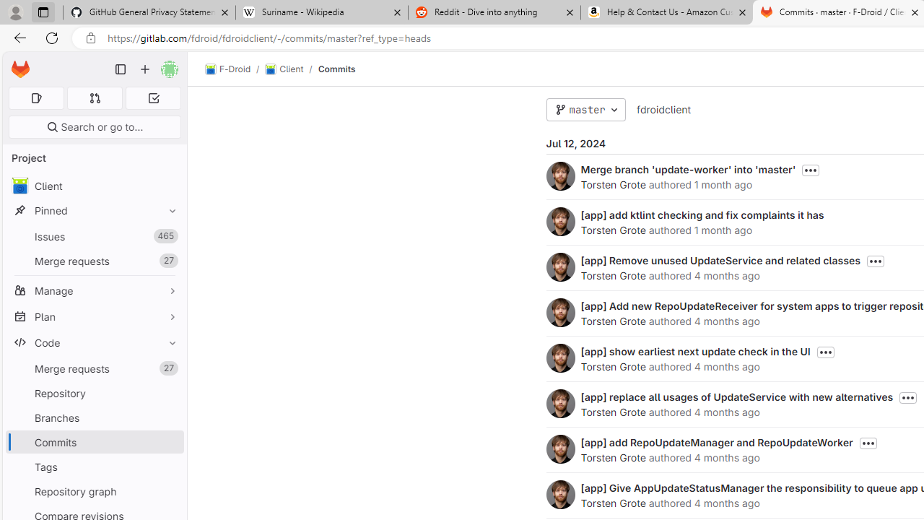 The image size is (924, 520). What do you see at coordinates (94, 316) in the screenshot?
I see `'Plan'` at bounding box center [94, 316].